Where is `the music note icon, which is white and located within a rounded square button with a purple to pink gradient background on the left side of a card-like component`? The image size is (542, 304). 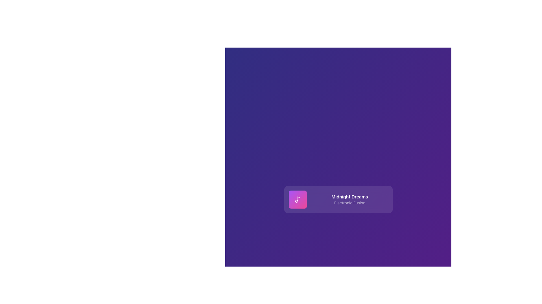
the music note icon, which is white and located within a rounded square button with a purple to pink gradient background on the left side of a card-like component is located at coordinates (297, 199).